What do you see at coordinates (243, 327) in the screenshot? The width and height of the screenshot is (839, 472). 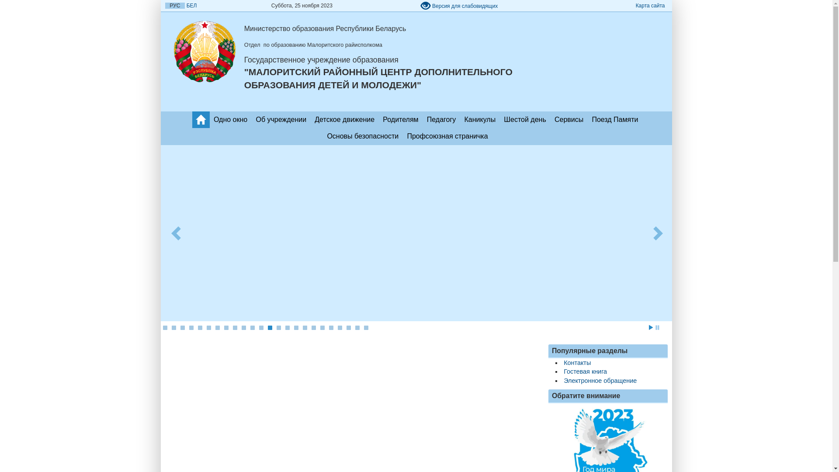 I see `'10'` at bounding box center [243, 327].